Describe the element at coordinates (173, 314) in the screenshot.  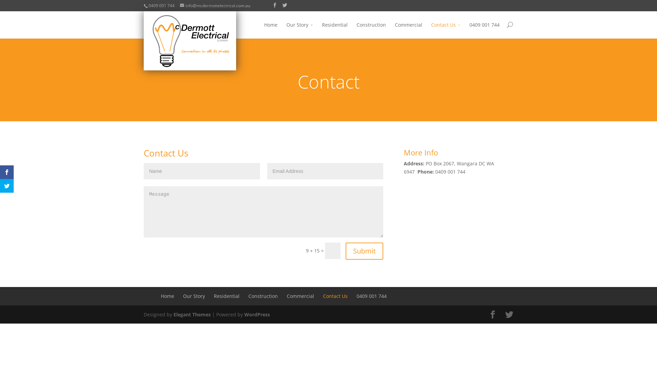
I see `'Elegant Themes'` at that location.